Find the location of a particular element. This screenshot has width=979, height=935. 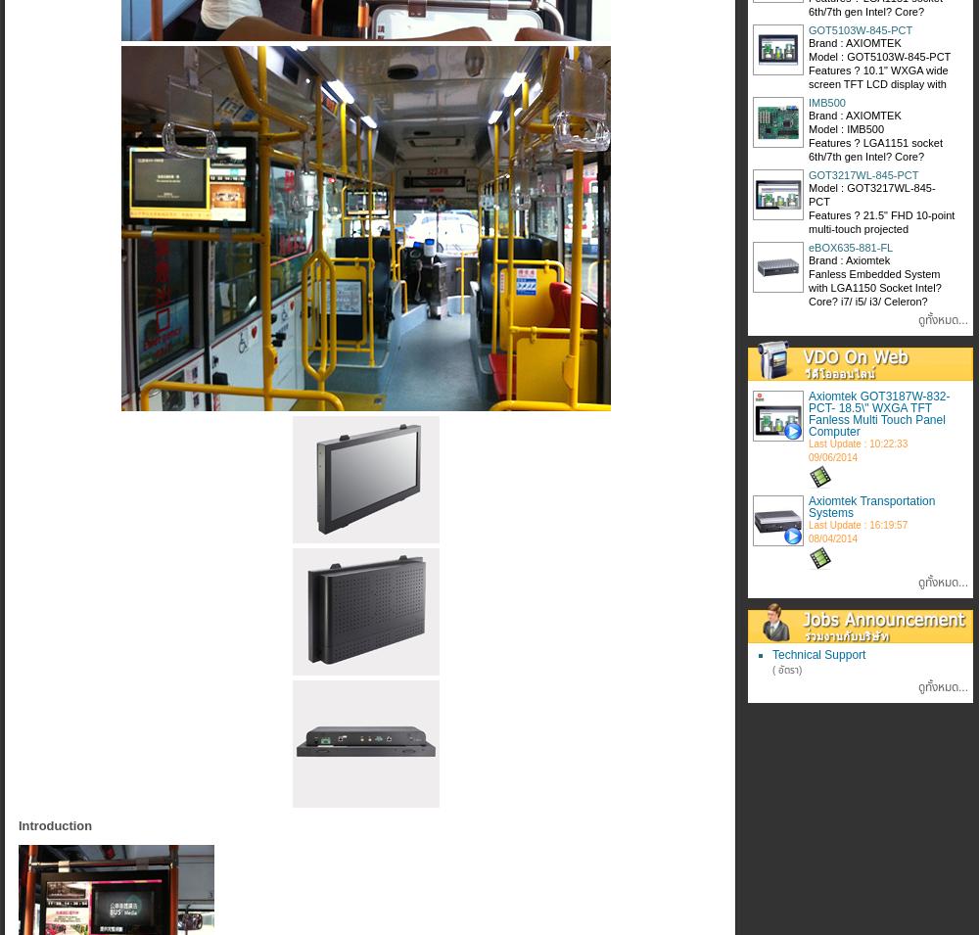

'Axiomtek GOT3187W-832-PCT- 18.5\" WXGA TFT Fanless Multi Touch Panel Computer' is located at coordinates (879, 412).